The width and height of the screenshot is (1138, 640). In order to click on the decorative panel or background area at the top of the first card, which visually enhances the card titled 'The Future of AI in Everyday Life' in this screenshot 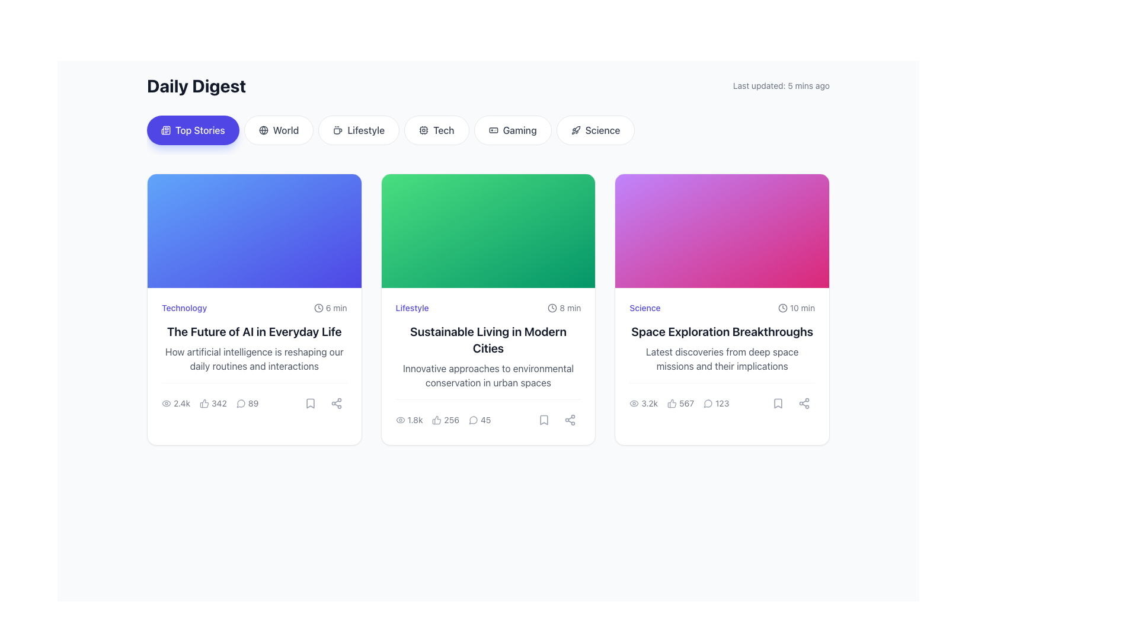, I will do `click(254, 231)`.